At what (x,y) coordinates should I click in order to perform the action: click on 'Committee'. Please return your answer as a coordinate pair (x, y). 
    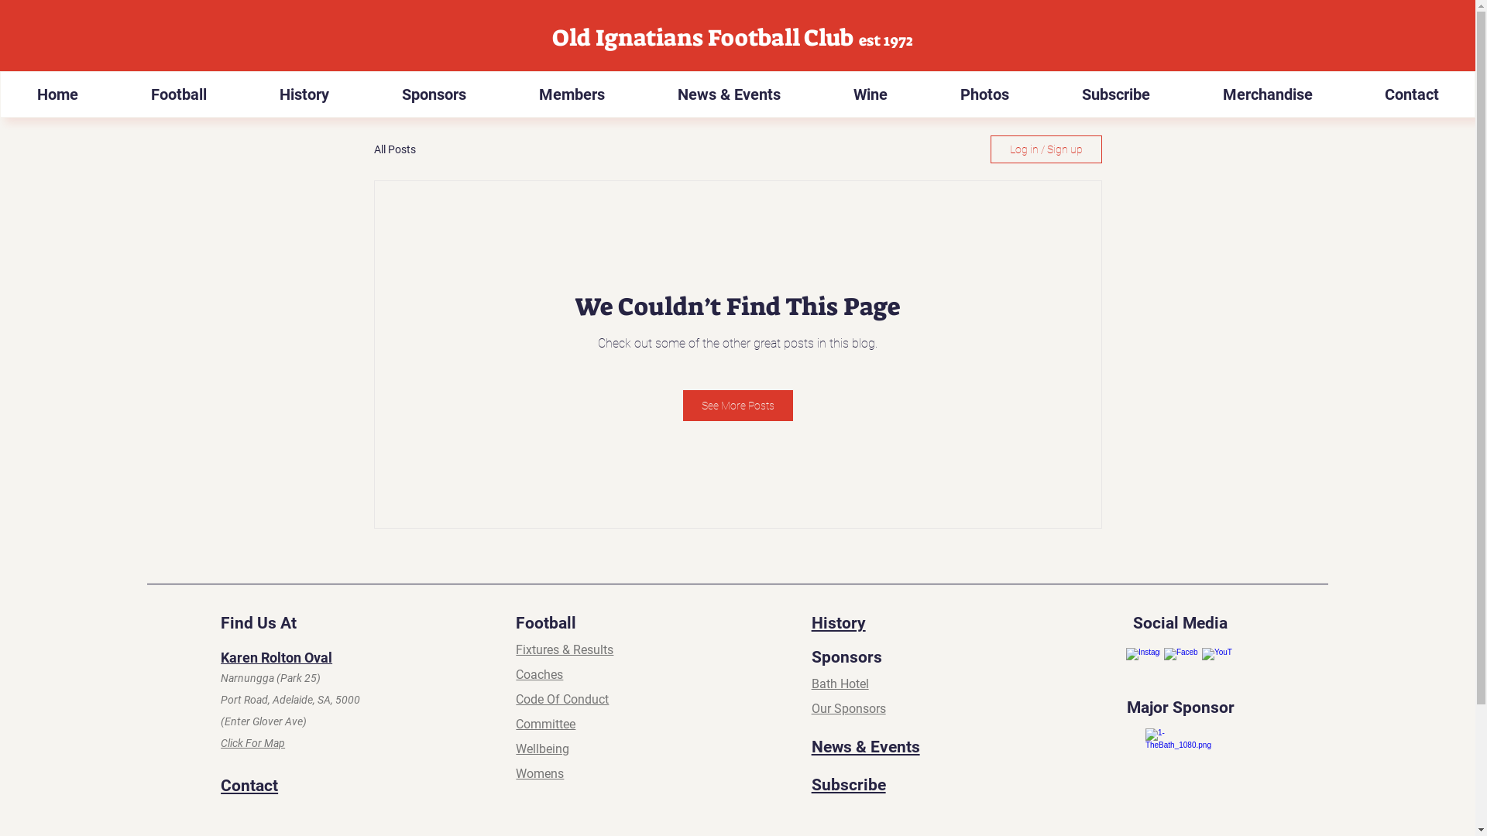
    Looking at the image, I should click on (545, 724).